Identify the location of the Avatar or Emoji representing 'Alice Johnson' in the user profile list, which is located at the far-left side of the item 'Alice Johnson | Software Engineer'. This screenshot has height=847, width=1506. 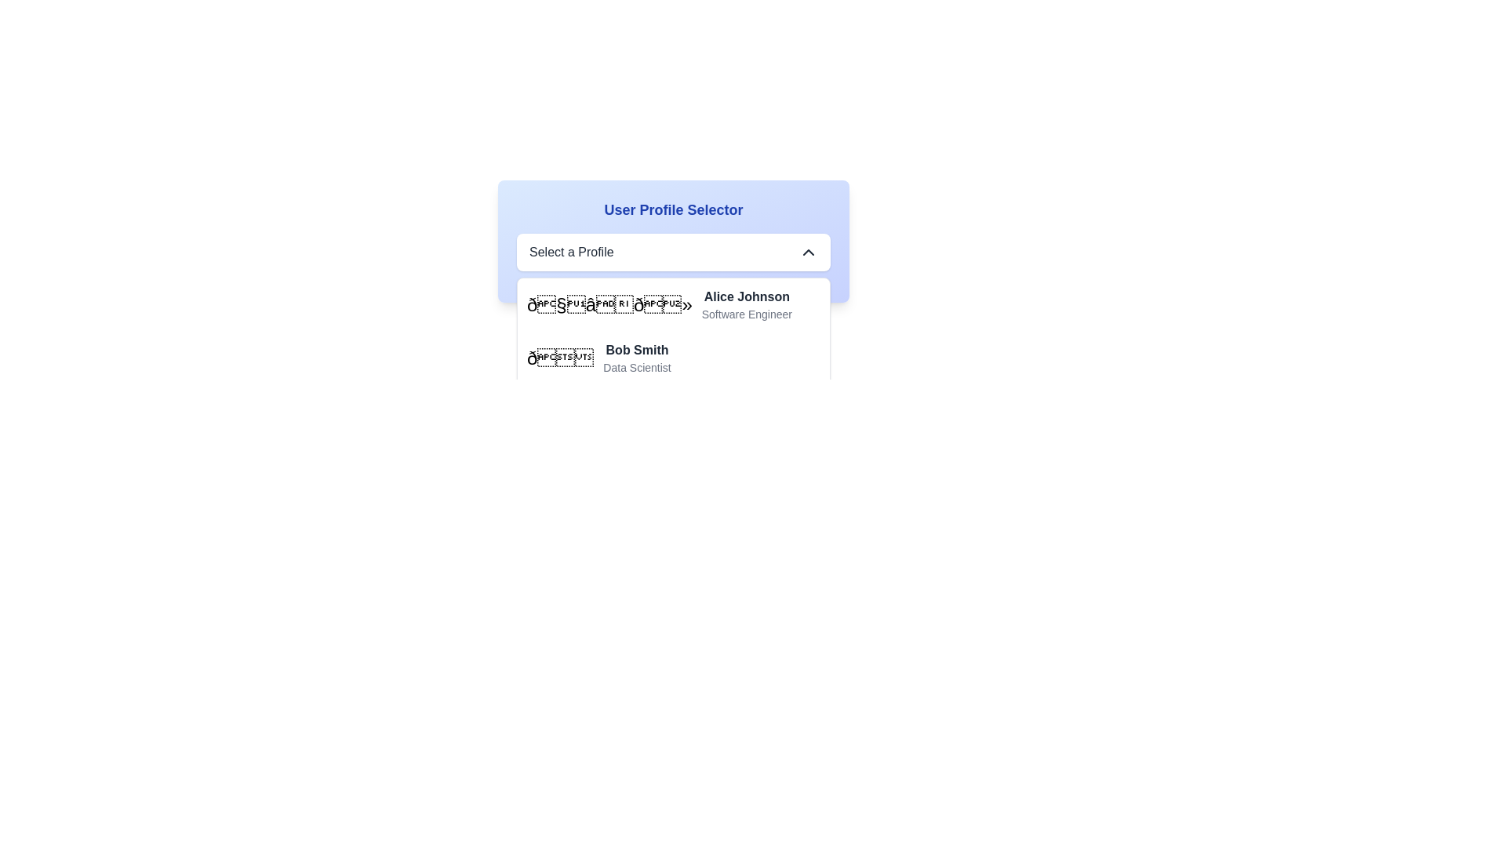
(609, 305).